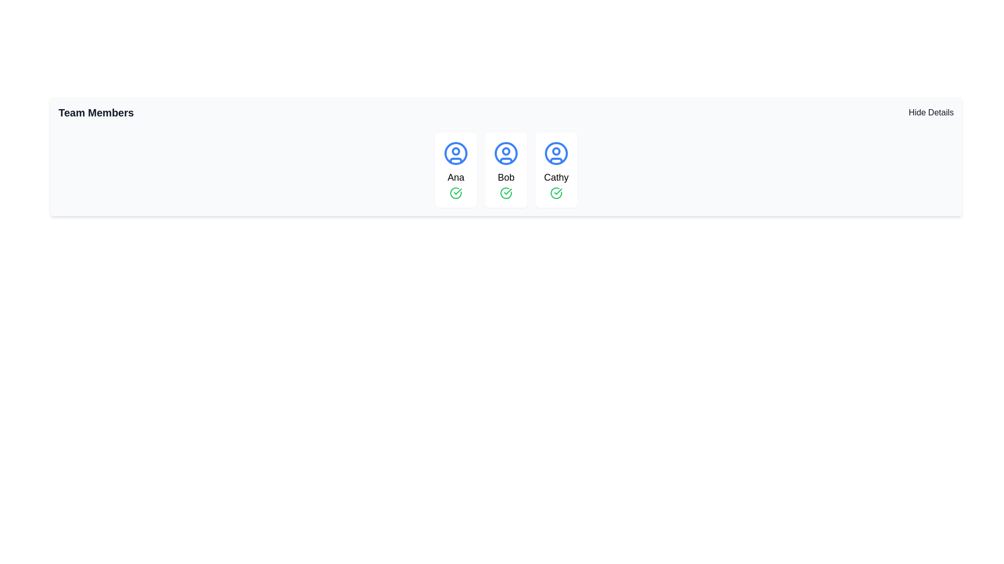 The width and height of the screenshot is (1004, 564). What do you see at coordinates (456, 177) in the screenshot?
I see `the text label displaying the name 'Ana', which is located beneath a user profile icon in a vertically aligned group of user profile cards` at bounding box center [456, 177].